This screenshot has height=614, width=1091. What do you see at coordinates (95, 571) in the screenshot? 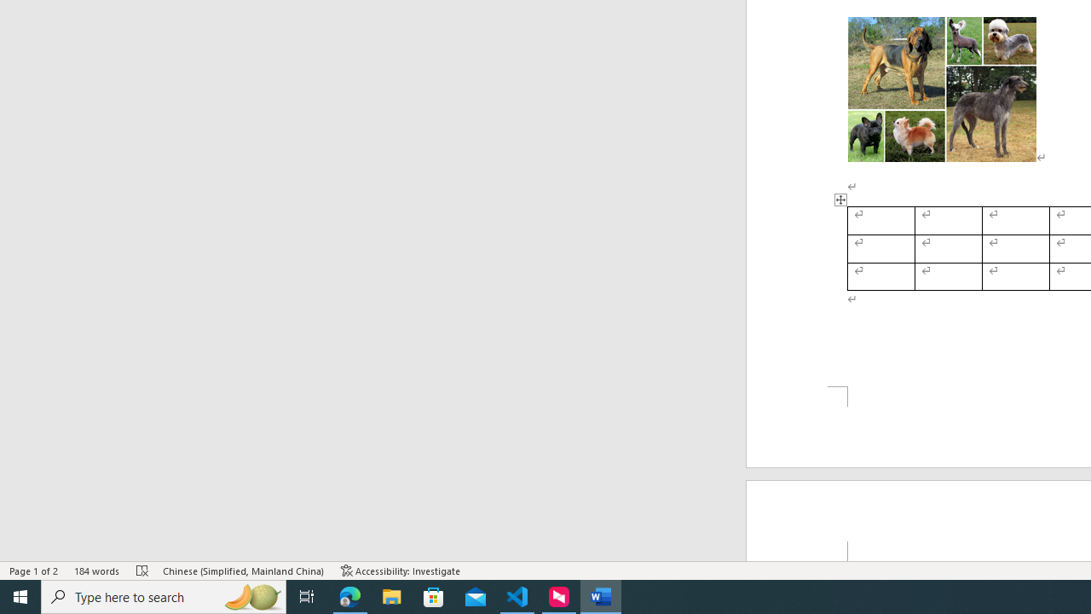
I see `'Word Count 184 words'` at bounding box center [95, 571].